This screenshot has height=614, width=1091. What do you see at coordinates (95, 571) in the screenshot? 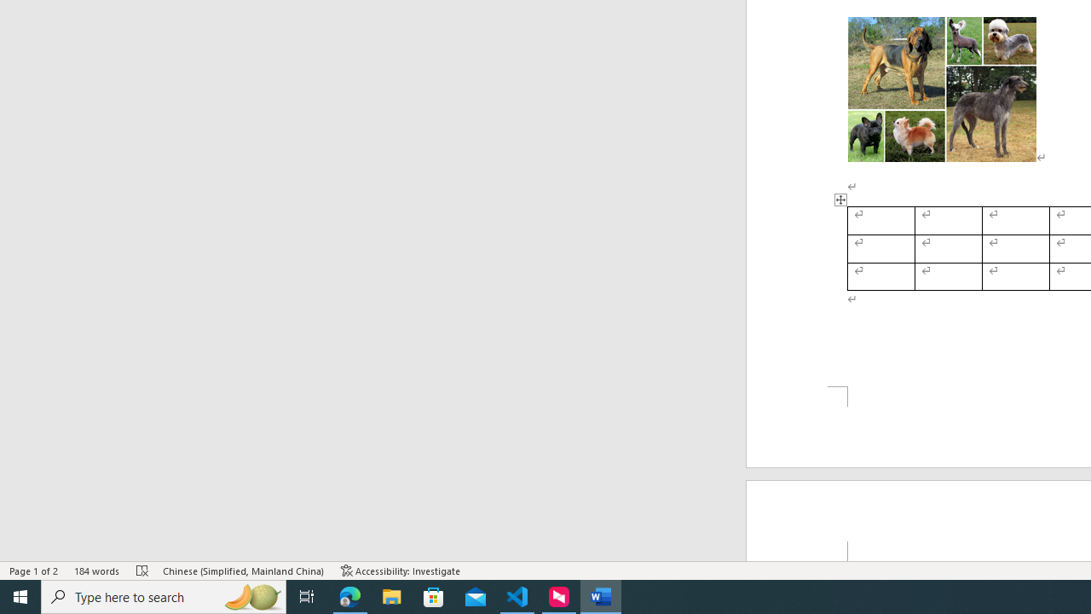
I see `'Word Count 184 words'` at bounding box center [95, 571].